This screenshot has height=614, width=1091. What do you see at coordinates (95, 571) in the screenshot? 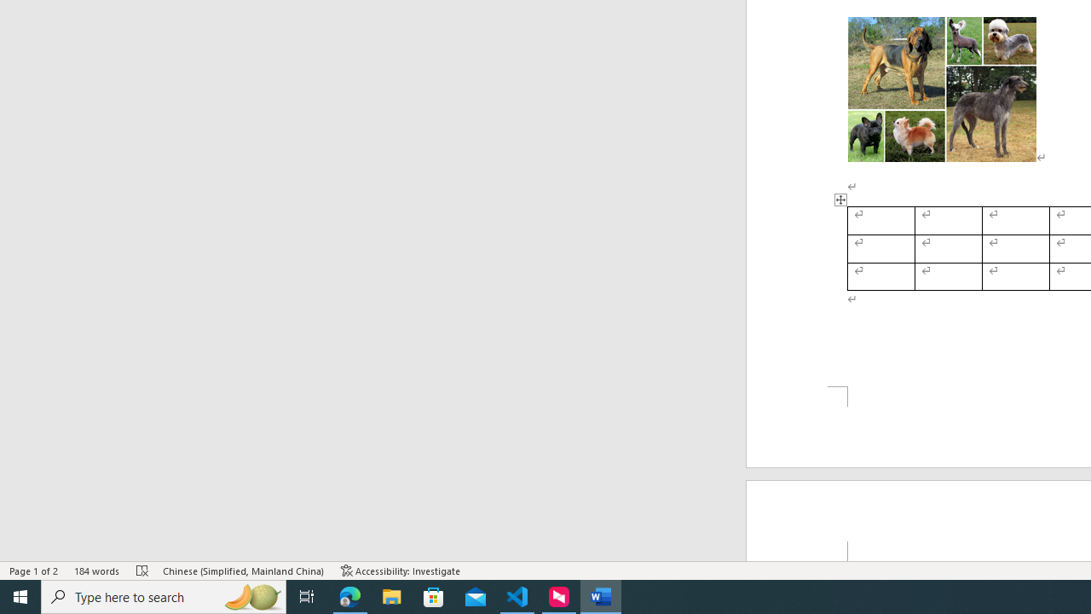
I see `'Word Count 184 words'` at bounding box center [95, 571].